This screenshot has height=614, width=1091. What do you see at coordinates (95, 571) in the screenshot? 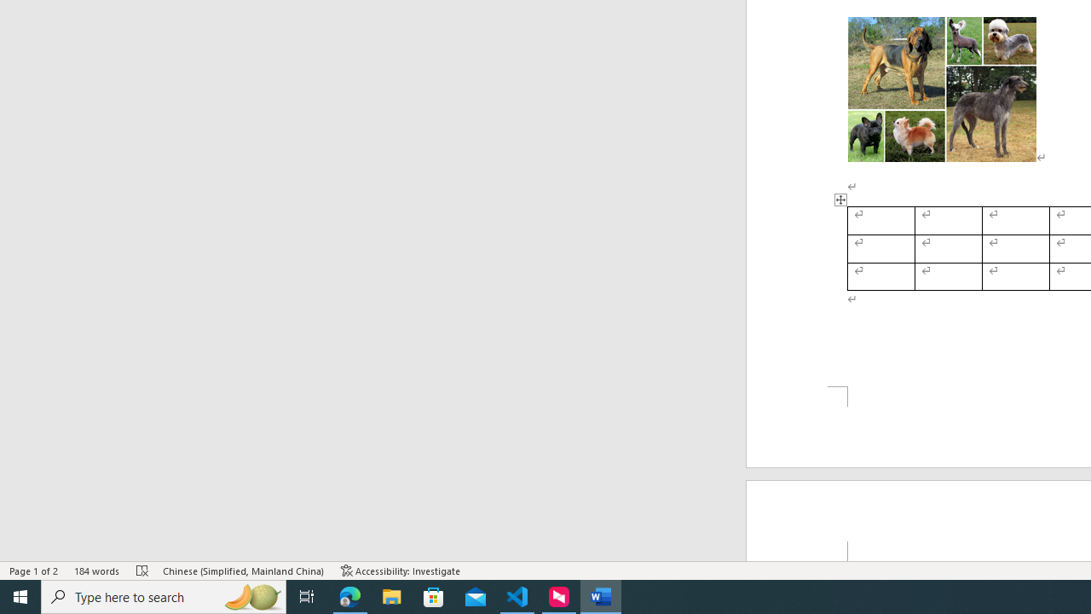
I see `'Word Count 184 words'` at bounding box center [95, 571].